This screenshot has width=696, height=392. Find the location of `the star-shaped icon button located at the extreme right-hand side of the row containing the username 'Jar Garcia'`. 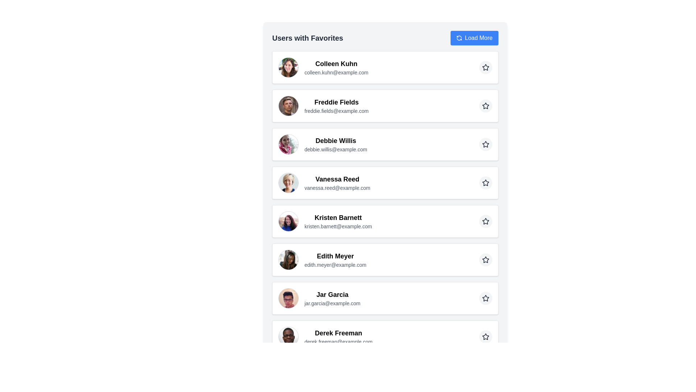

the star-shaped icon button located at the extreme right-hand side of the row containing the username 'Jar Garcia' is located at coordinates (485, 298).